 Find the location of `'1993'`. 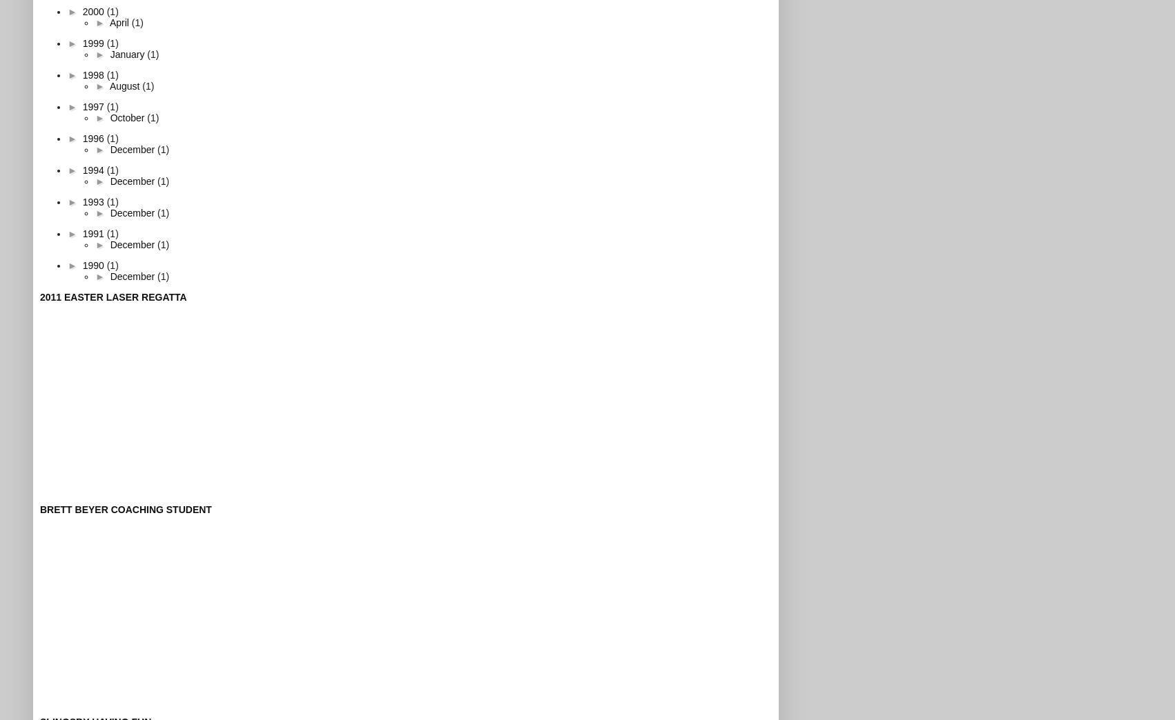

'1993' is located at coordinates (94, 201).